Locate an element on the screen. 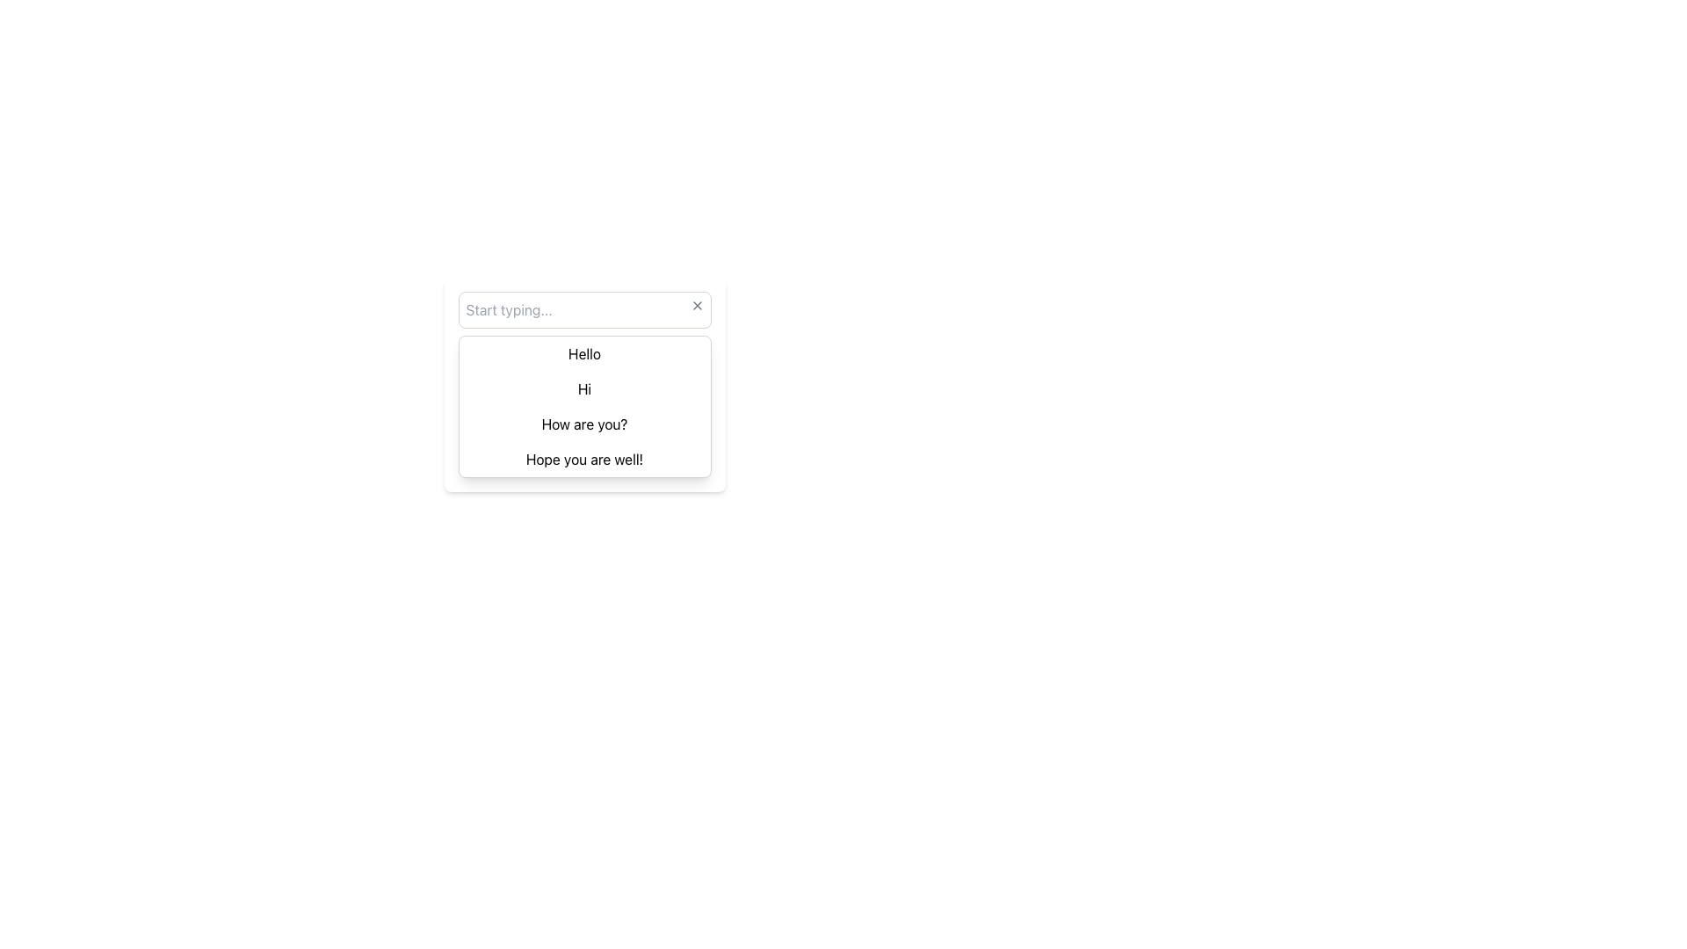  the first selectable item in the dropdown menu that displays the option 'Hello' is located at coordinates (584, 353).